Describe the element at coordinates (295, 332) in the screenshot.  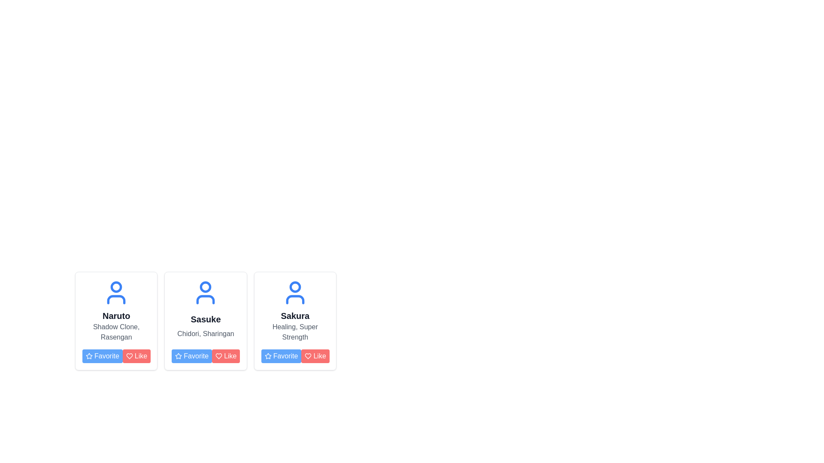
I see `the static text label that describes the characteristics or abilities of 'Sakura', located below the name 'Sakura' in the third card, between the 'Favorite' and 'Like' buttons` at that location.